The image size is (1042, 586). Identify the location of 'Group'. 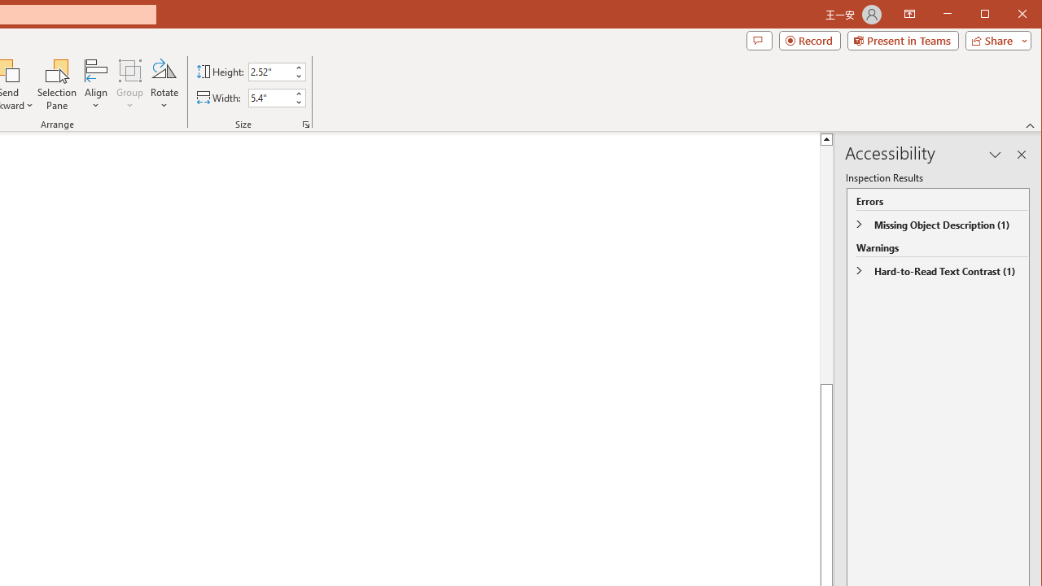
(130, 85).